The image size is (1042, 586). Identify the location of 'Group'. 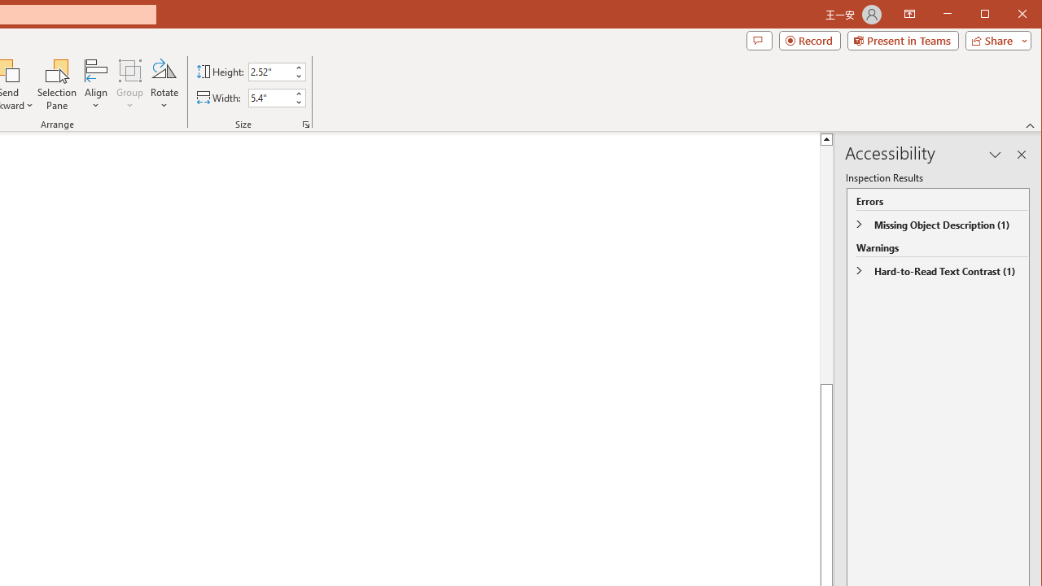
(130, 85).